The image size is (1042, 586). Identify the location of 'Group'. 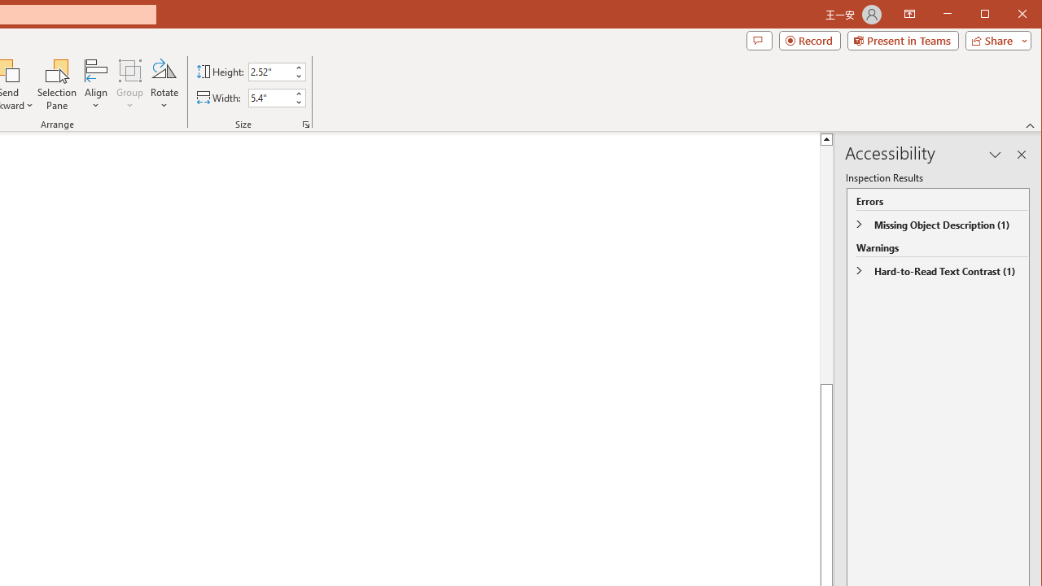
(130, 85).